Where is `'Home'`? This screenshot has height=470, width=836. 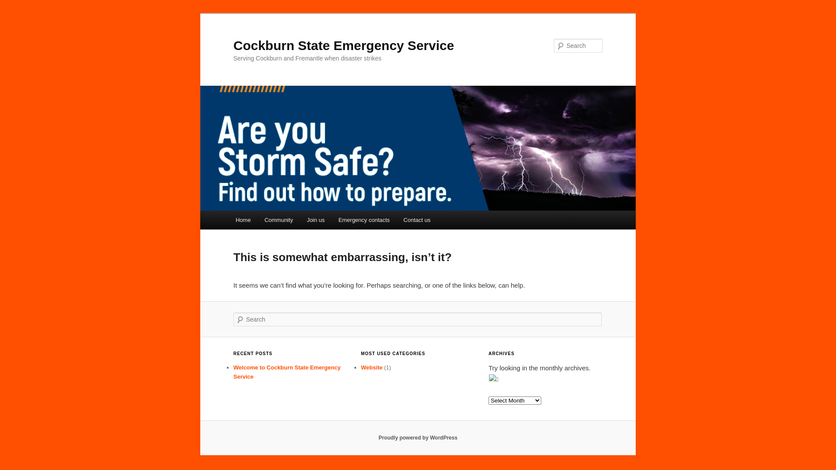
'Home' is located at coordinates (243, 219).